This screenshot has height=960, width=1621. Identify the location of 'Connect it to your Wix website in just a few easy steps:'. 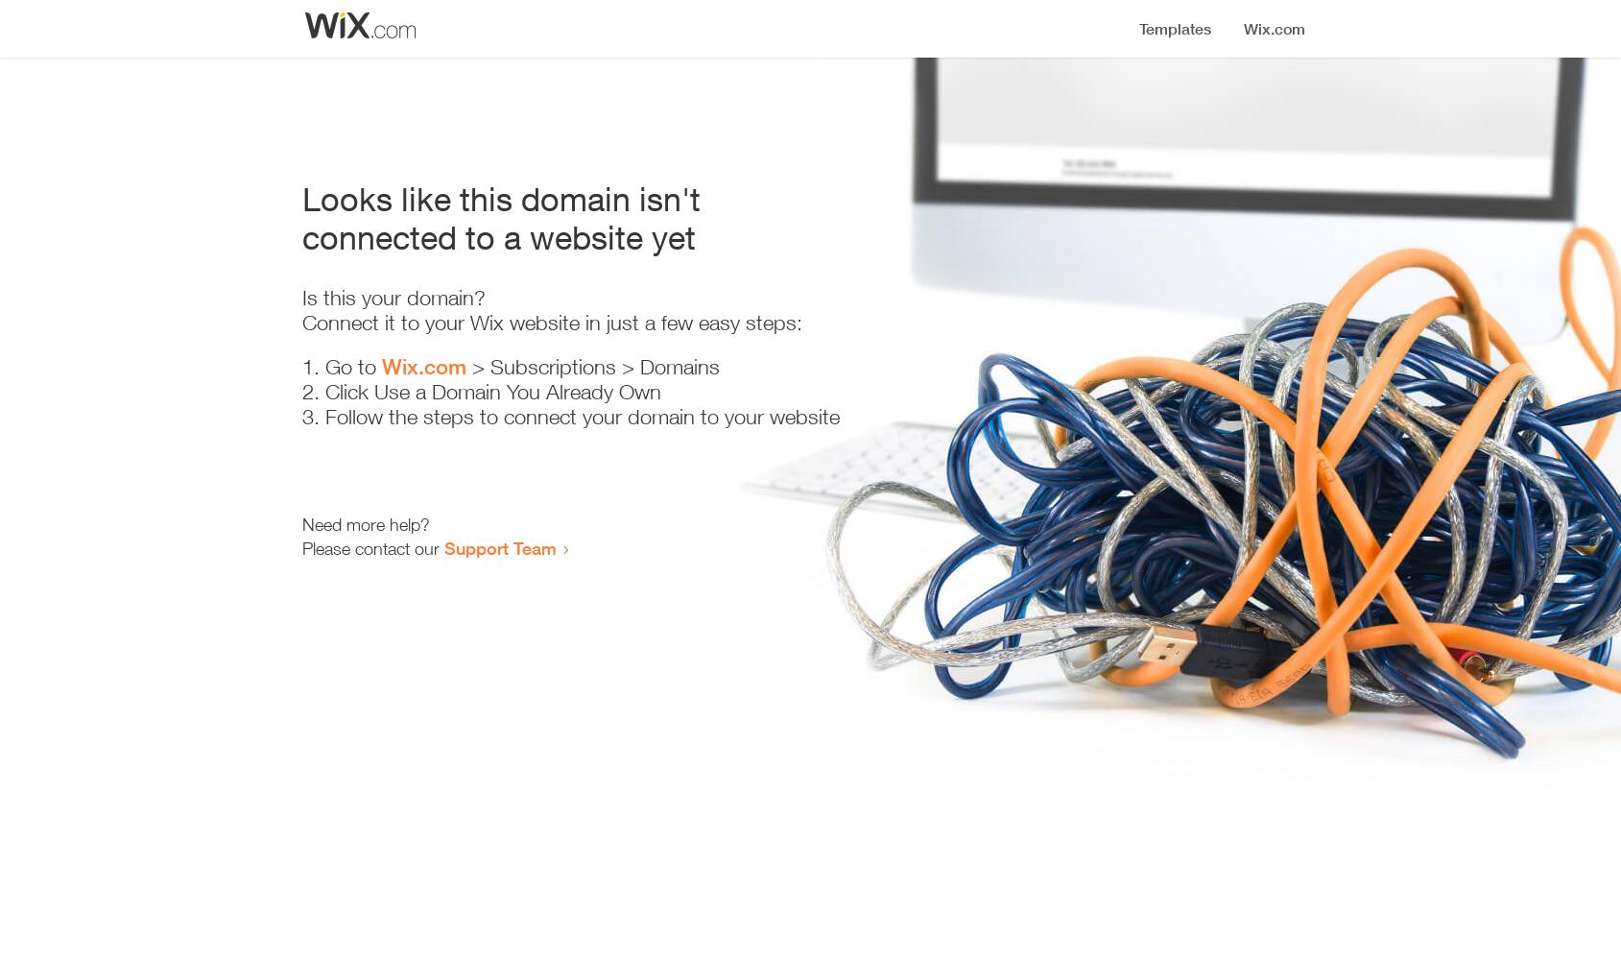
(550, 322).